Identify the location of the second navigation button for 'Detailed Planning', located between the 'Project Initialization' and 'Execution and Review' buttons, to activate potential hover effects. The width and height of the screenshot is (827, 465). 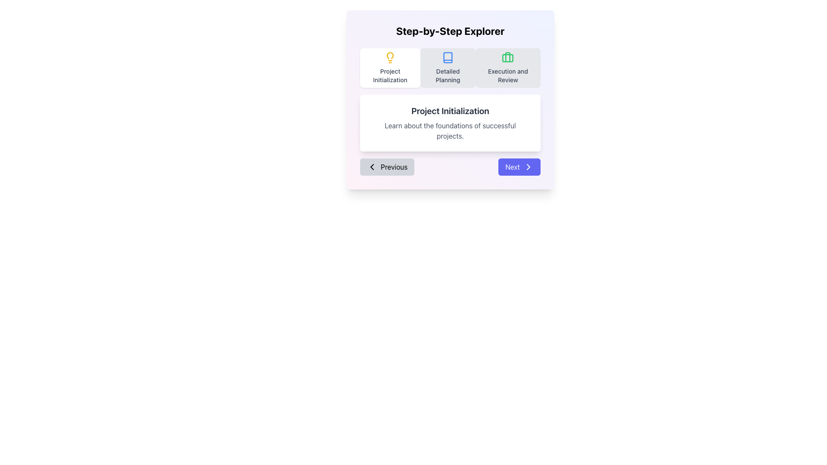
(448, 68).